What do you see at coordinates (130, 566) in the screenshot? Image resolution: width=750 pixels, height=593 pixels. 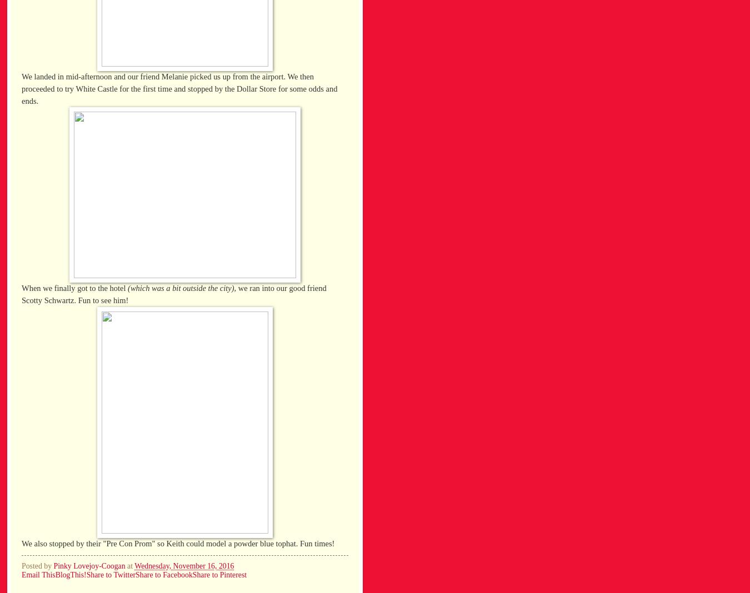 I see `'at'` at bounding box center [130, 566].